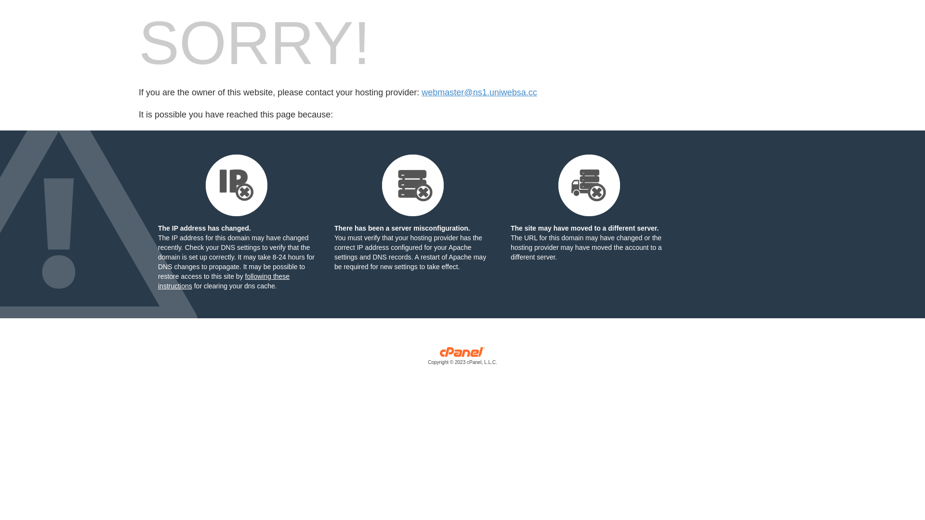 The height and width of the screenshot is (520, 925). I want to click on 'webmaster@ns1.uniwebsa.cc', so click(421, 92).